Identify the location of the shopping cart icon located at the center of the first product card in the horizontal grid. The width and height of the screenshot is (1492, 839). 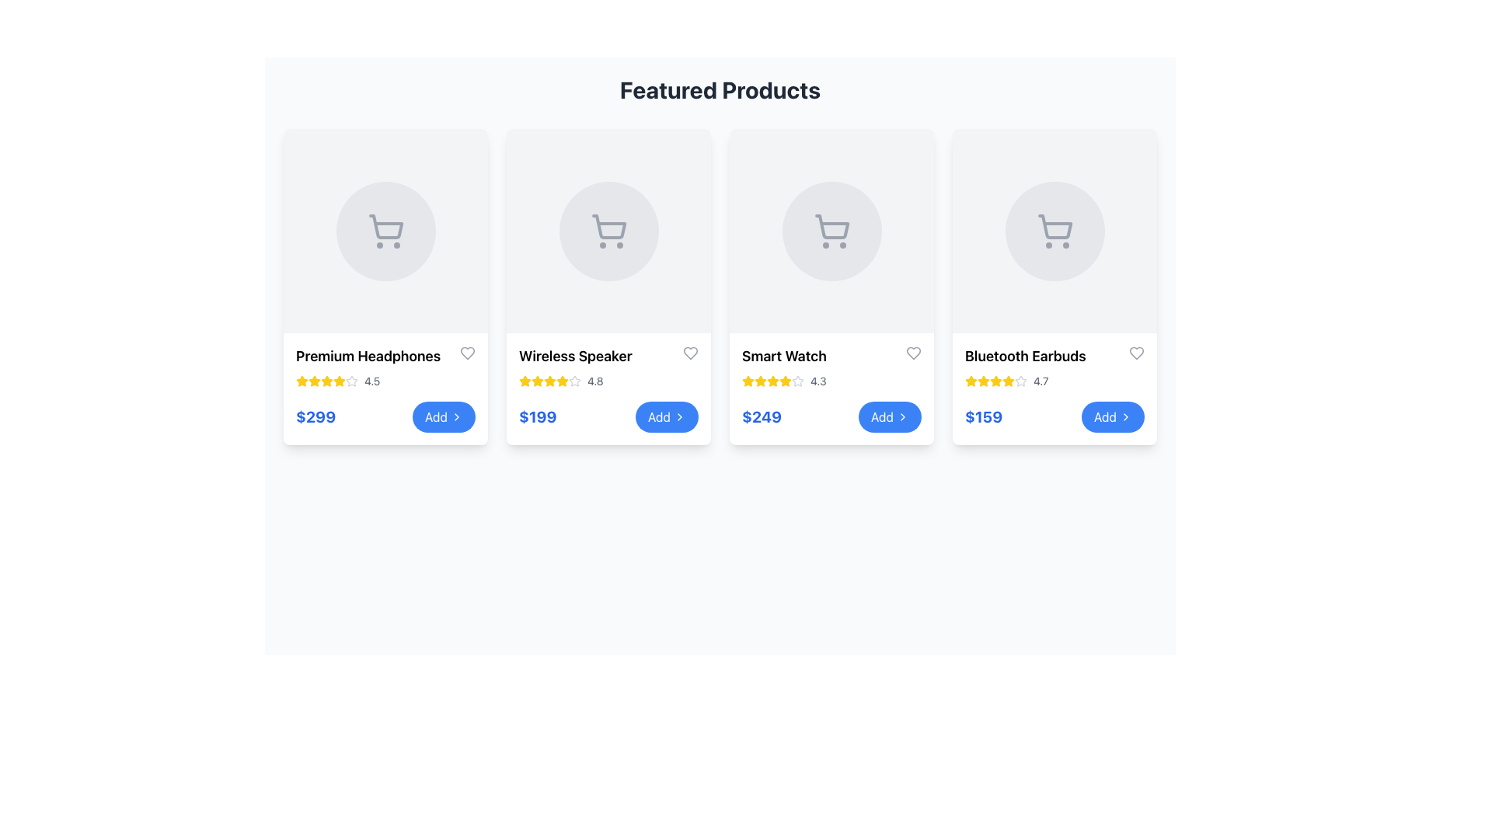
(385, 231).